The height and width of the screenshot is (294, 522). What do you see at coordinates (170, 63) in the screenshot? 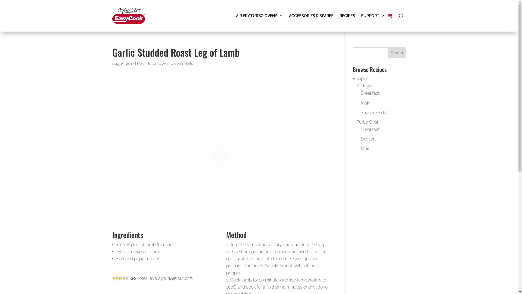
I see `'0 comments'` at bounding box center [170, 63].